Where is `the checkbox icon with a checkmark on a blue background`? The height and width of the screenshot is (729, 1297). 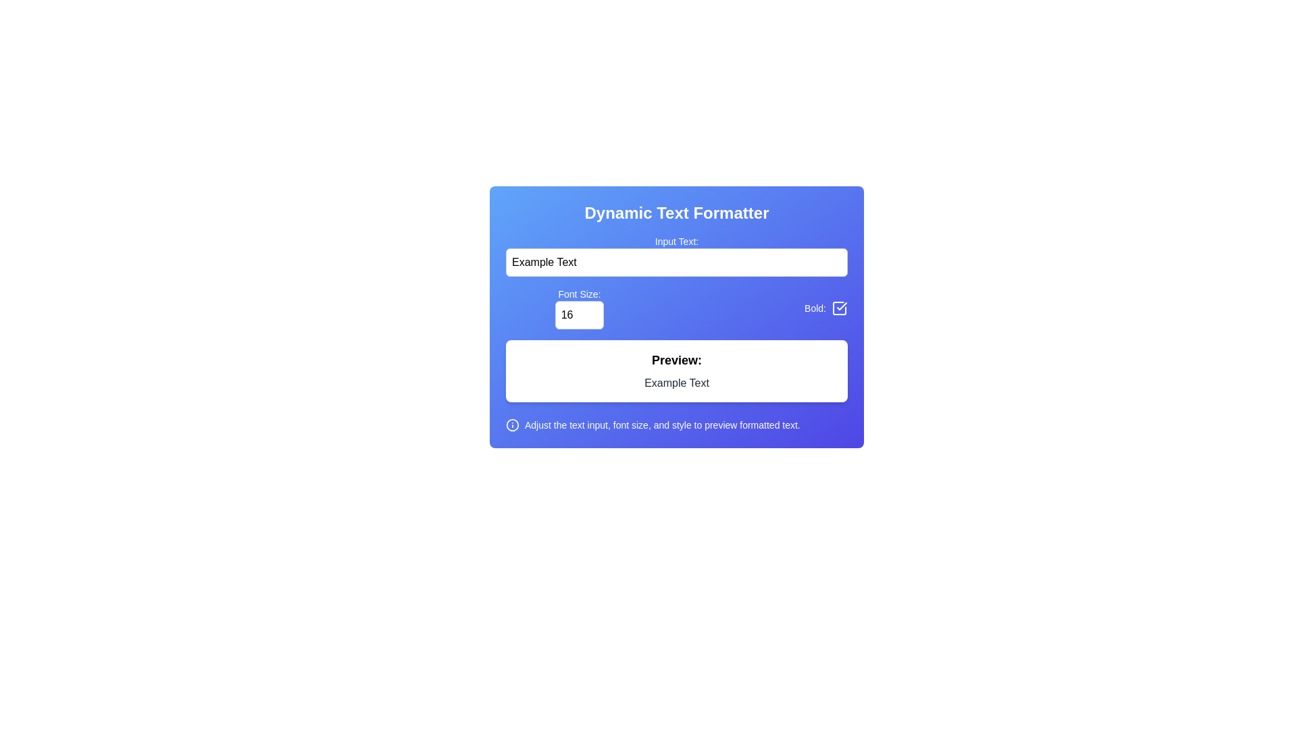 the checkbox icon with a checkmark on a blue background is located at coordinates (839, 308).